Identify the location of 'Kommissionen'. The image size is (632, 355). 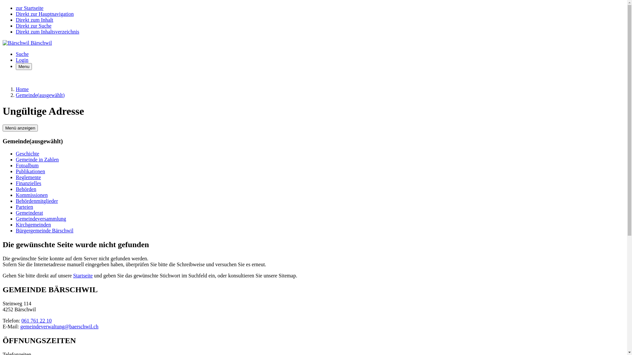
(31, 195).